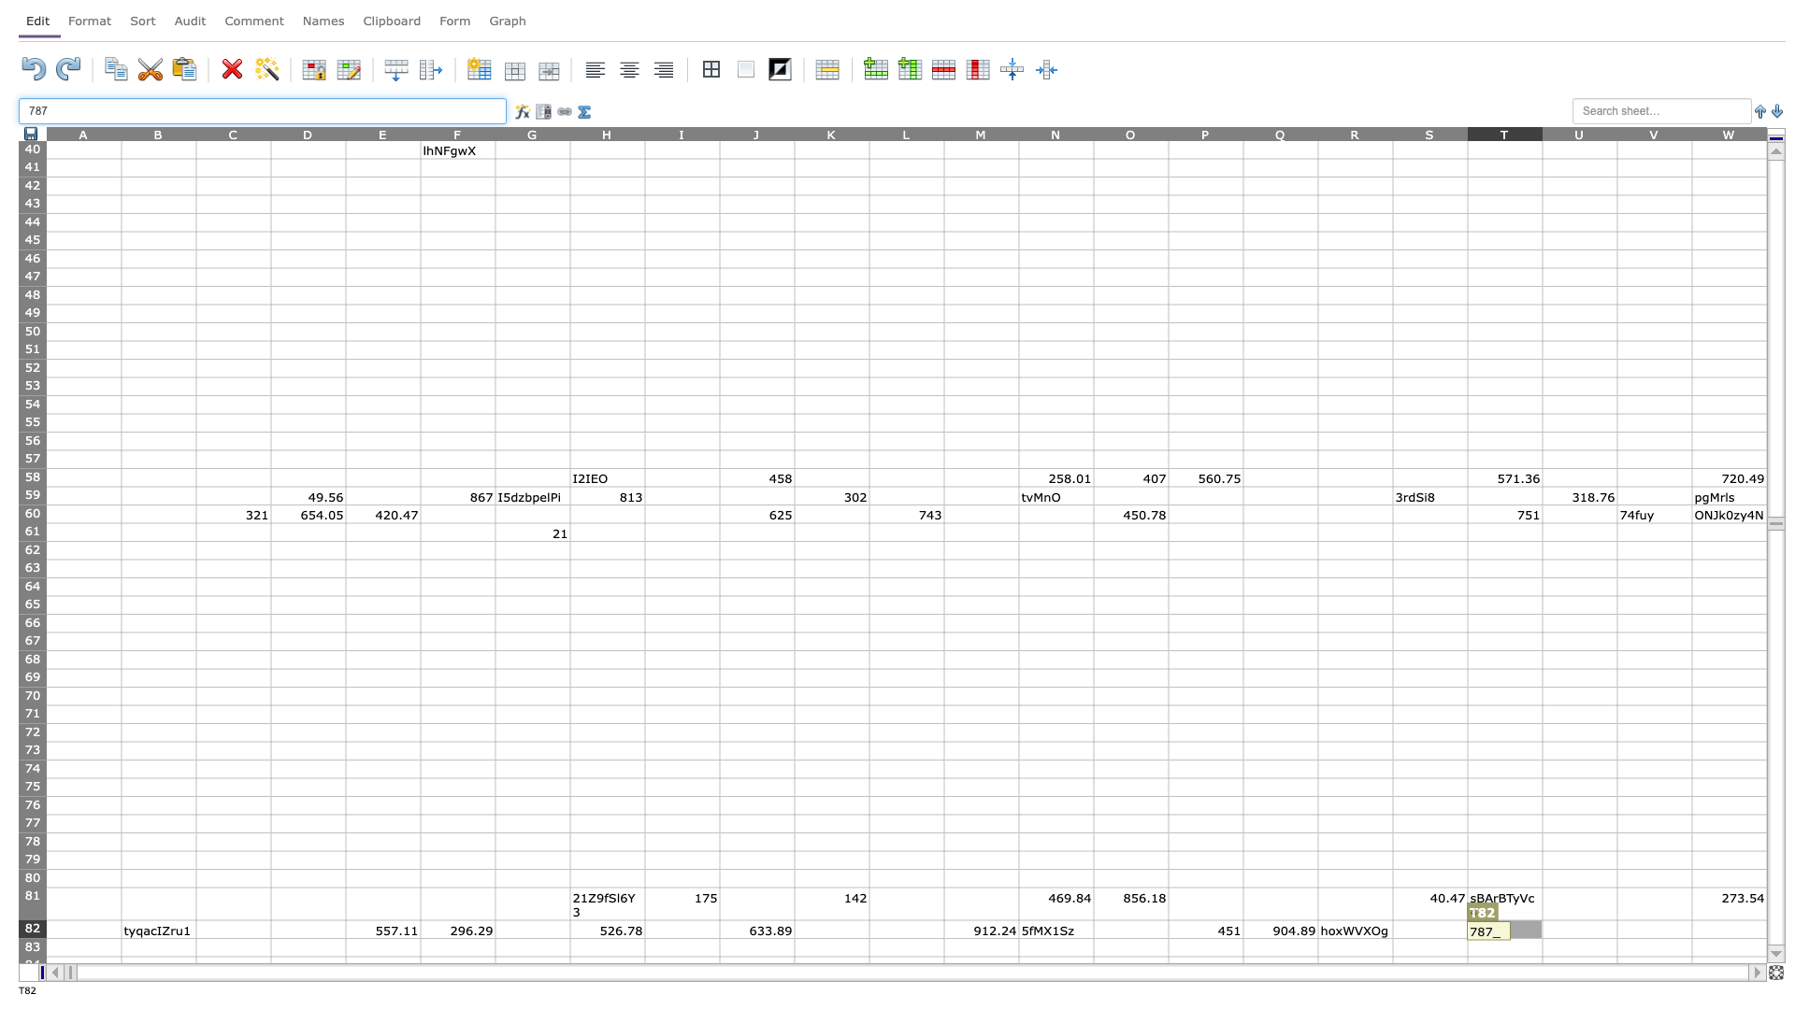 The image size is (1795, 1009). Describe the element at coordinates (1615, 929) in the screenshot. I see `Right edge of U-82` at that location.